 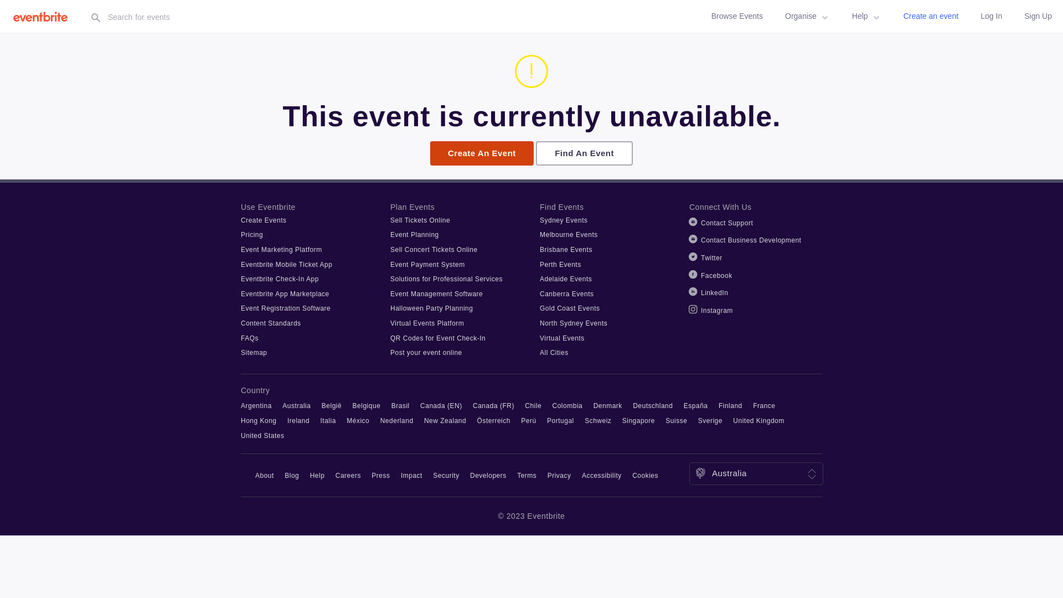 What do you see at coordinates (240, 279) in the screenshot?
I see `'Eventbrite Check-In App'` at bounding box center [240, 279].